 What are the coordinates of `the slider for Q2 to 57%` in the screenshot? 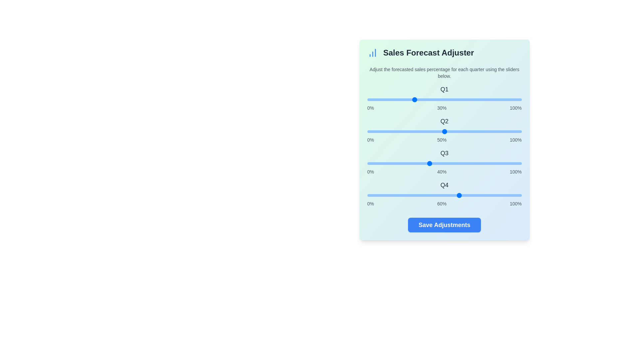 It's located at (455, 132).